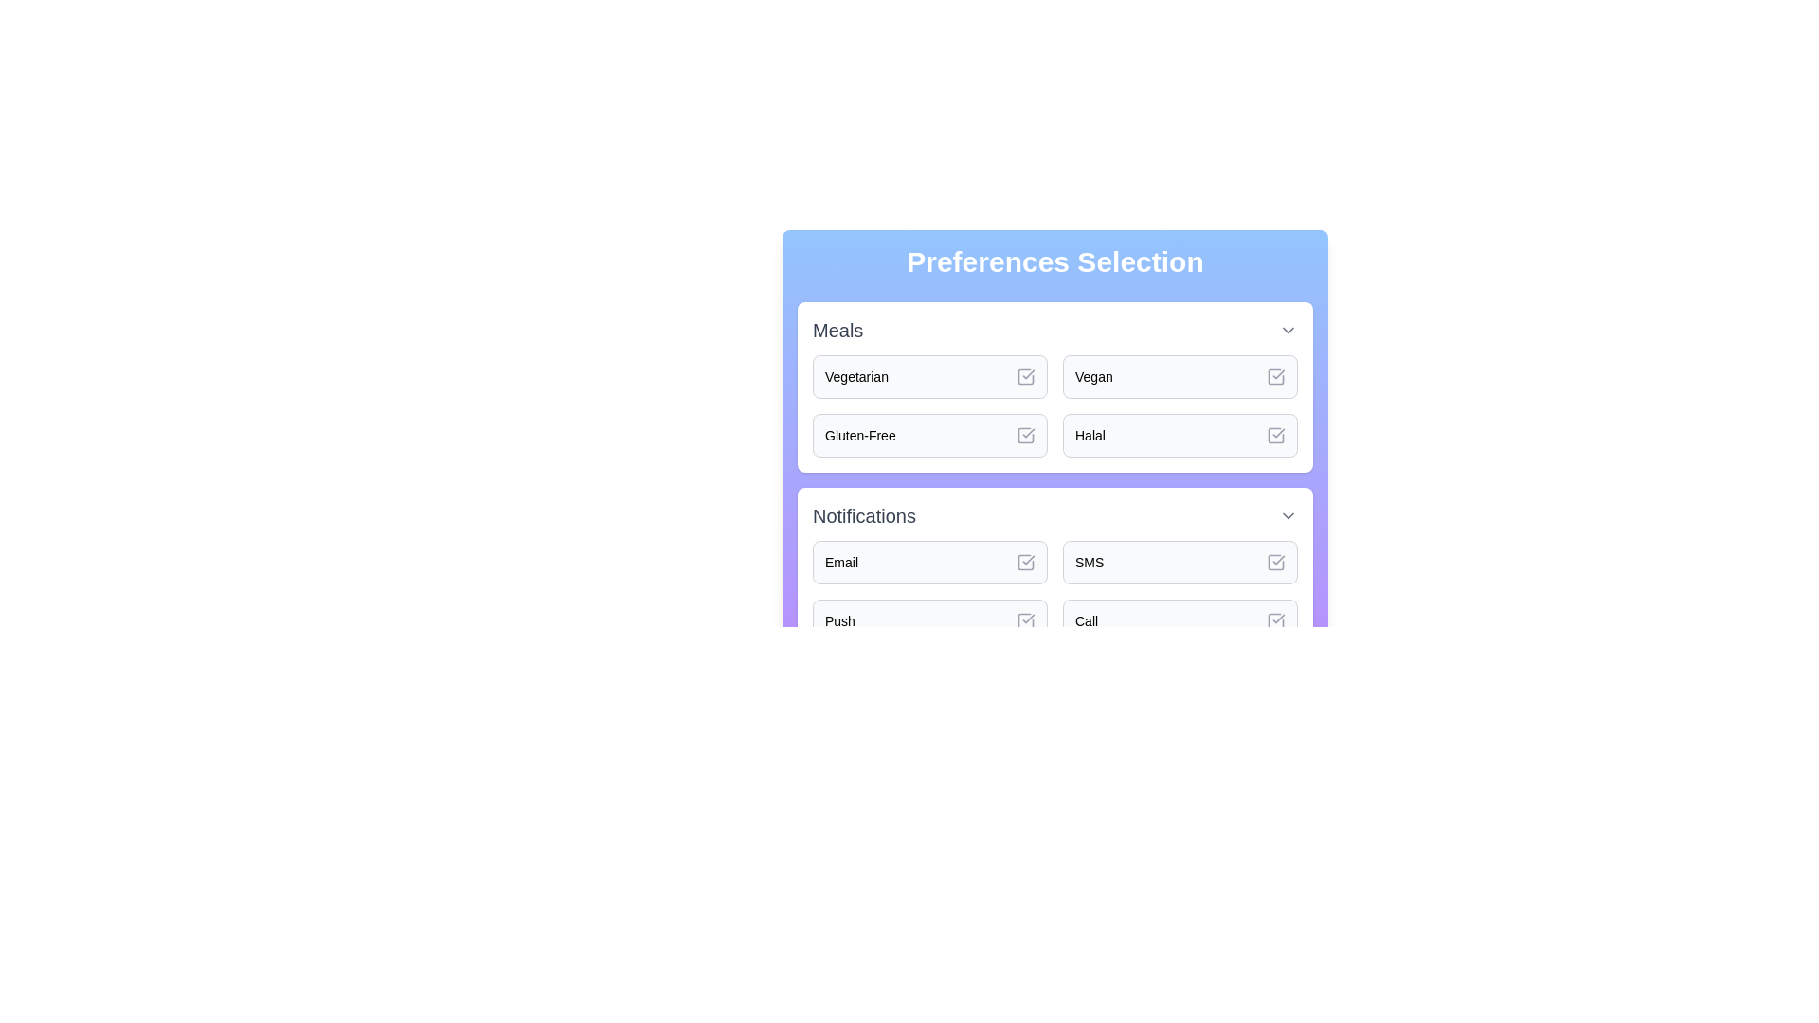 The width and height of the screenshot is (1819, 1023). What do you see at coordinates (930, 620) in the screenshot?
I see `the 'Push' button located in the lower-left part of the 'Notifications' section` at bounding box center [930, 620].